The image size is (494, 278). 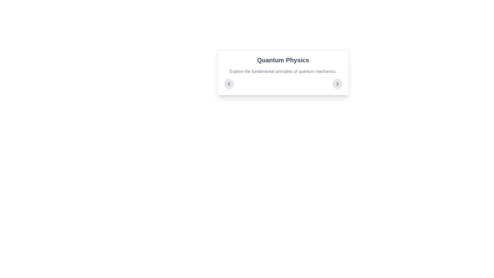 I want to click on the circular button with a light gray background and a dark gray left-pointing chevron icon, so click(x=228, y=84).